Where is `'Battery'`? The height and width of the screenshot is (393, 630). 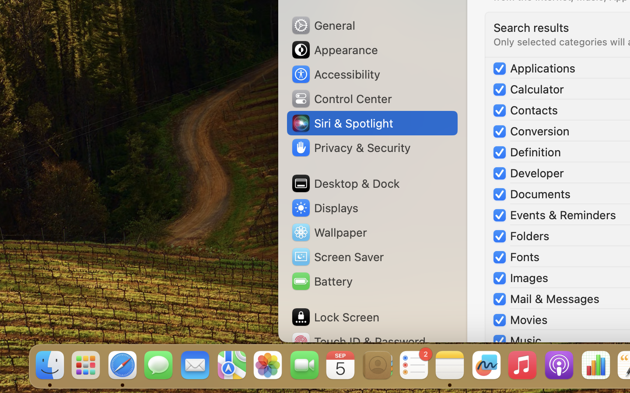 'Battery' is located at coordinates (321, 281).